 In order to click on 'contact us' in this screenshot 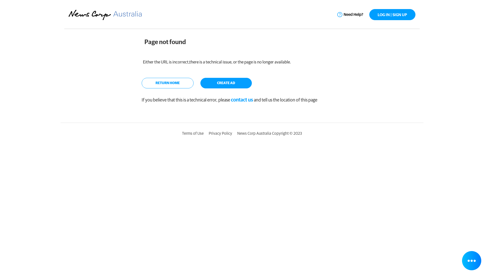, I will do `click(242, 100)`.